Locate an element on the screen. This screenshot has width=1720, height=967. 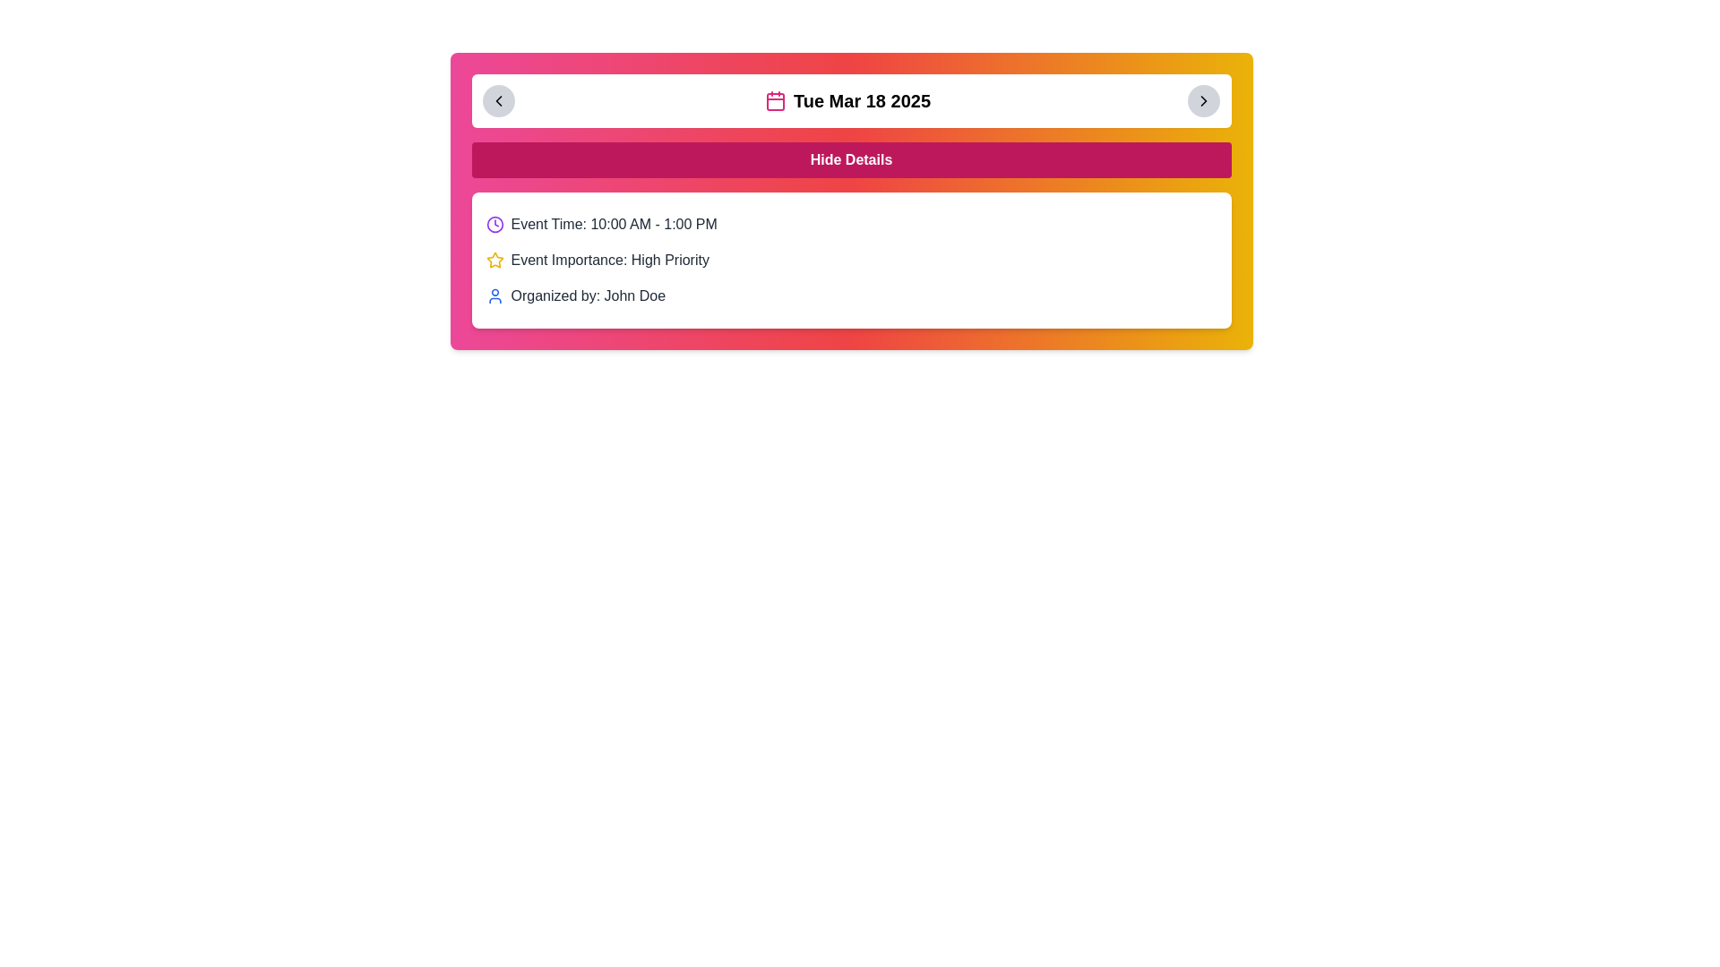
the navigational back button located on the left side of the horizontal bar at the top of the card-like section to observe the style change is located at coordinates (498, 100).